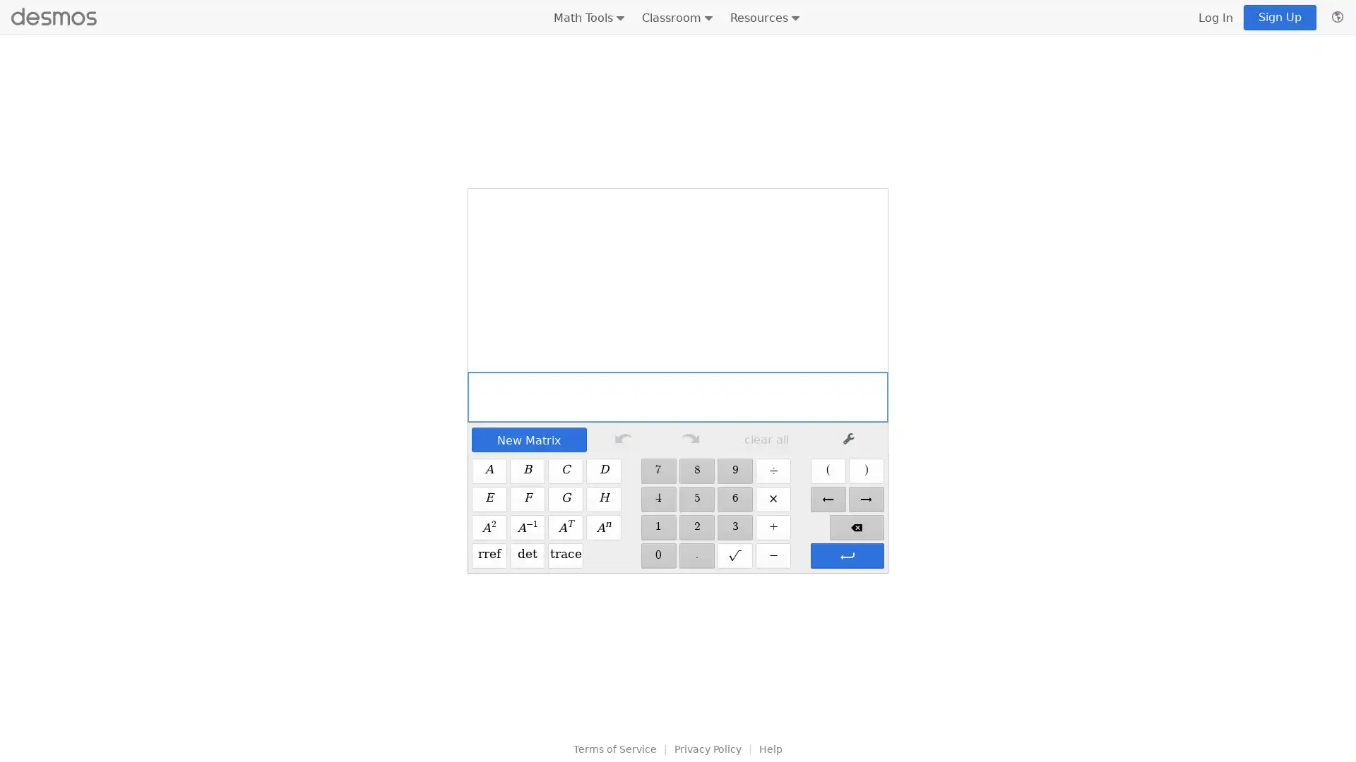  What do you see at coordinates (827, 499) in the screenshot?
I see `Left Arrow` at bounding box center [827, 499].